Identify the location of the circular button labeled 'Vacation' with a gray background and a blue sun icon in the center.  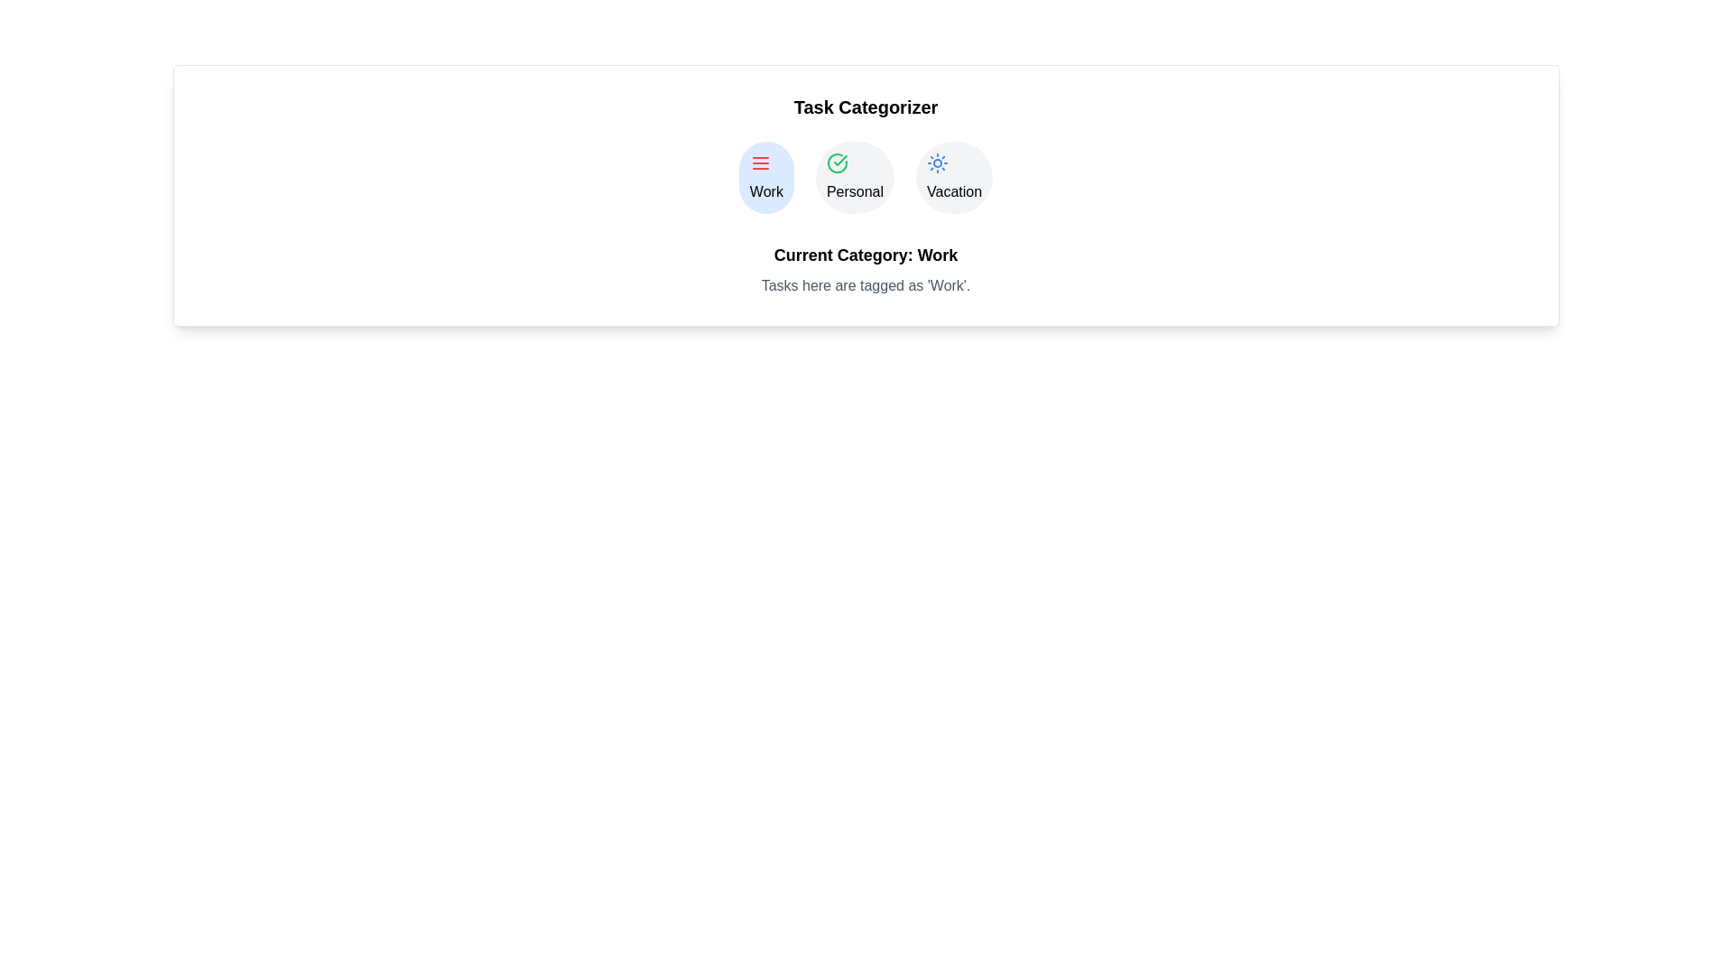
(953, 177).